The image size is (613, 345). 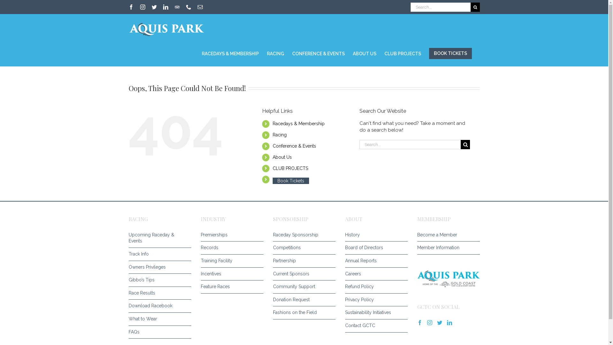 What do you see at coordinates (177, 7) in the screenshot?
I see `'Trip Advisor'` at bounding box center [177, 7].